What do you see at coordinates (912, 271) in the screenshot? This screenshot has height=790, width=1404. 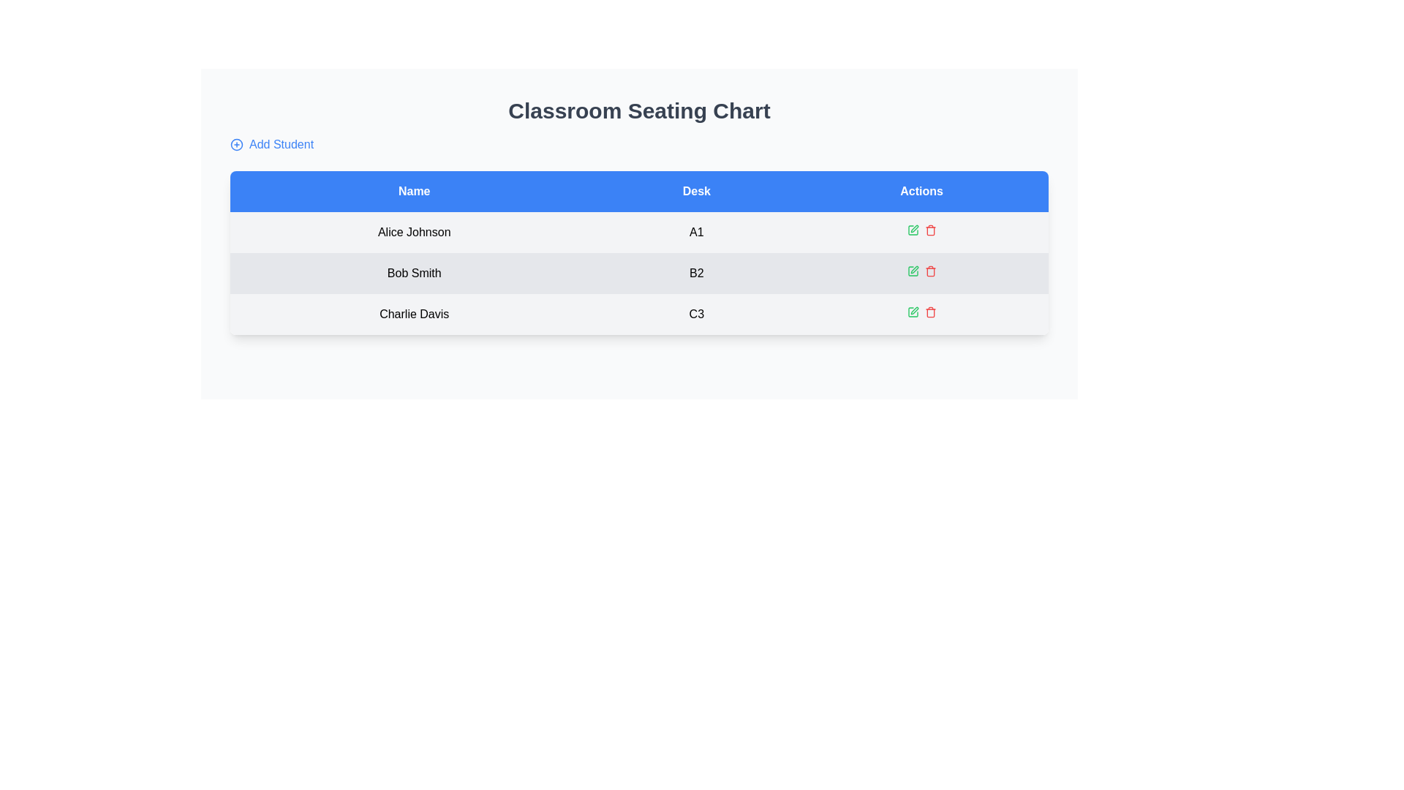 I see `the edit button in the 'Actions' column for the row corresponding to Bob Smith` at bounding box center [912, 271].